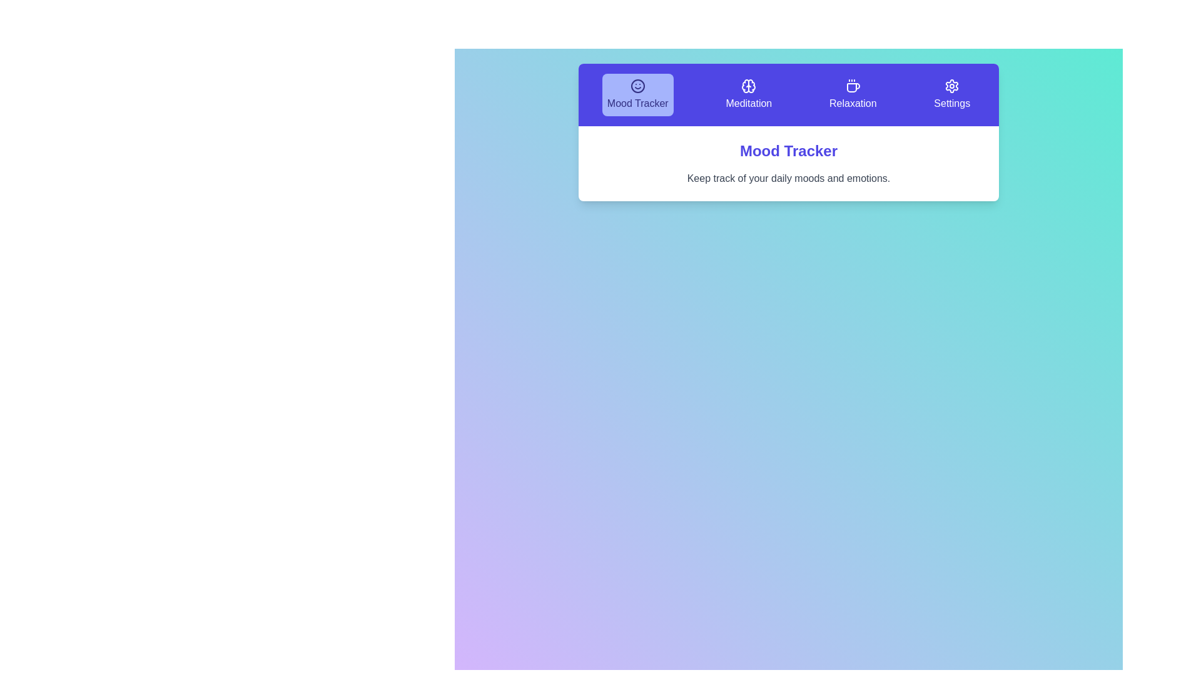  Describe the element at coordinates (788, 178) in the screenshot. I see `introductory text element located directly under the bold phrase 'Mood Tracker' which is styled in gray font` at that location.